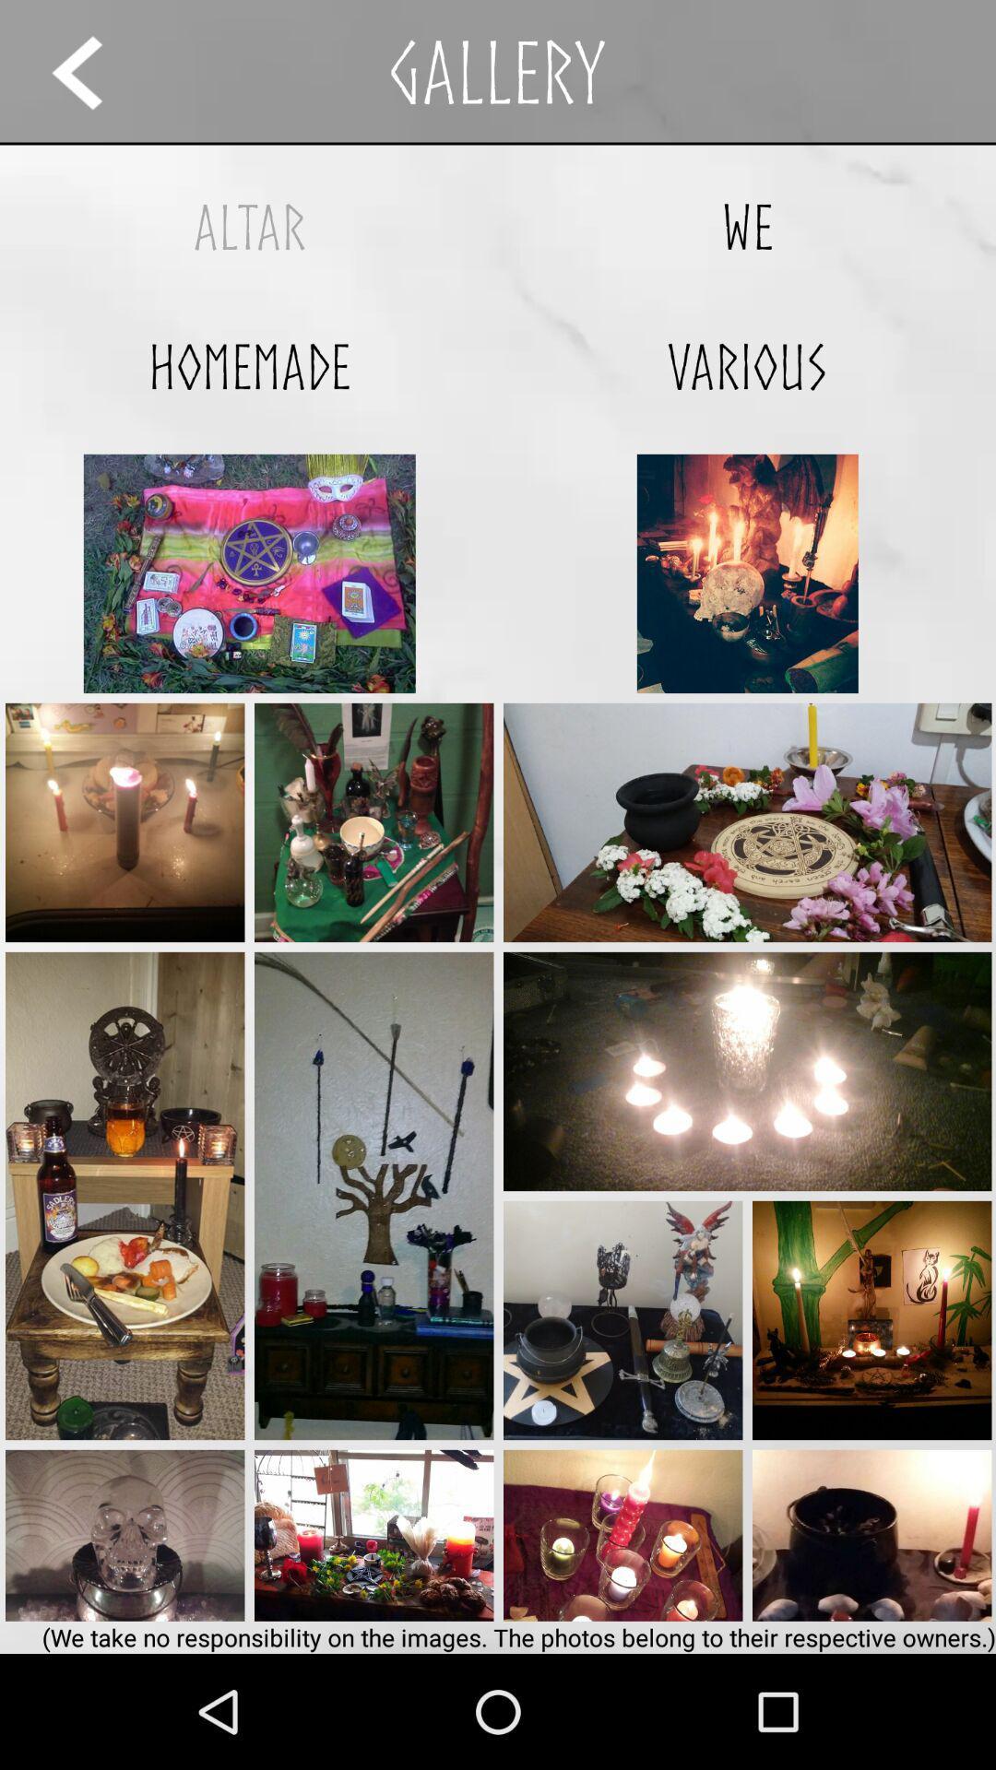 This screenshot has height=1770, width=996. I want to click on various item, so click(747, 366).